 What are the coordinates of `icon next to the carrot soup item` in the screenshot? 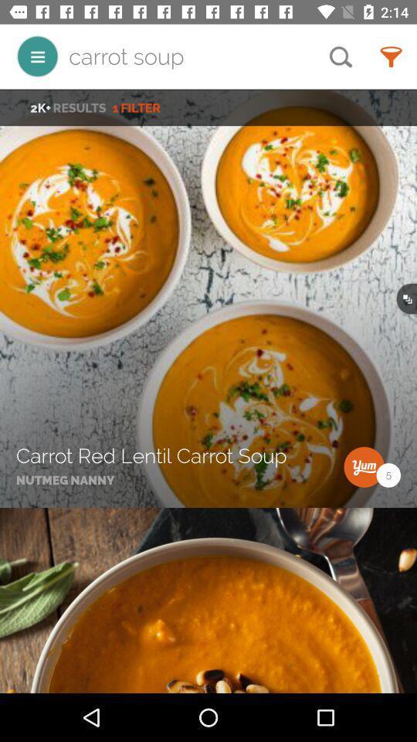 It's located at (37, 56).